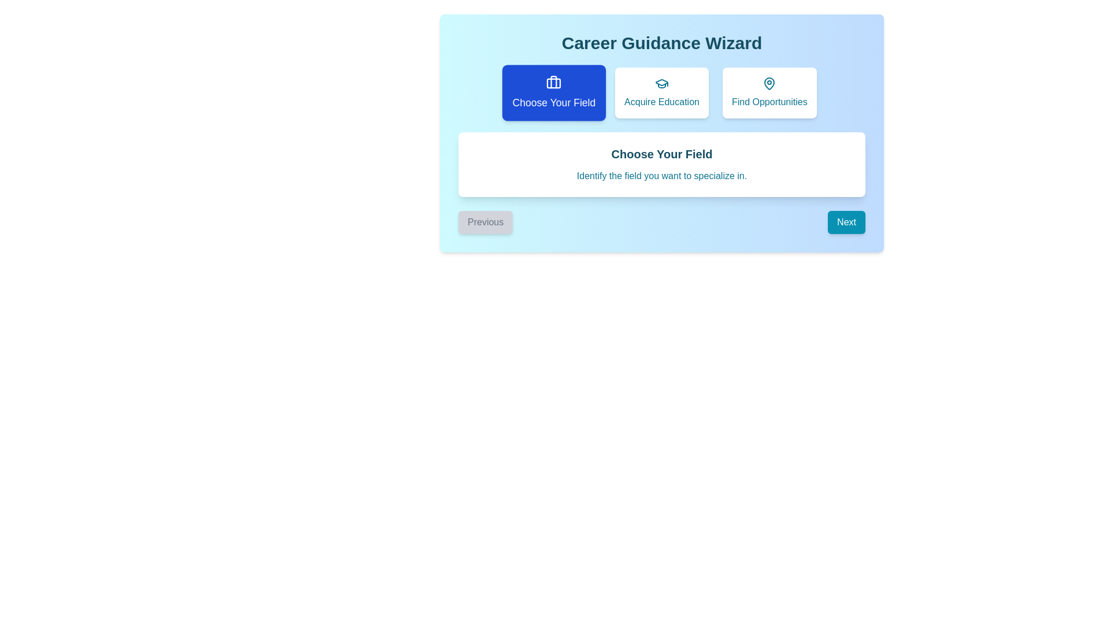 Image resolution: width=1110 pixels, height=624 pixels. I want to click on the non-interactive rectangular graphical element located within the 'Choose Your Field' button, which is the first button in a row of three at the top of the interface, so click(553, 83).